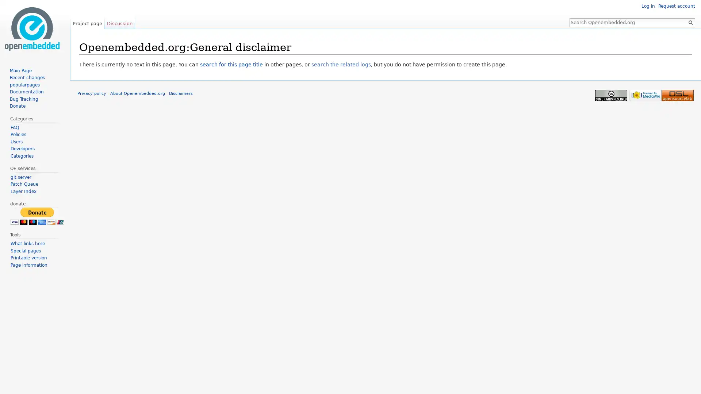 The width and height of the screenshot is (701, 394). What do you see at coordinates (690, 22) in the screenshot?
I see `Go` at bounding box center [690, 22].